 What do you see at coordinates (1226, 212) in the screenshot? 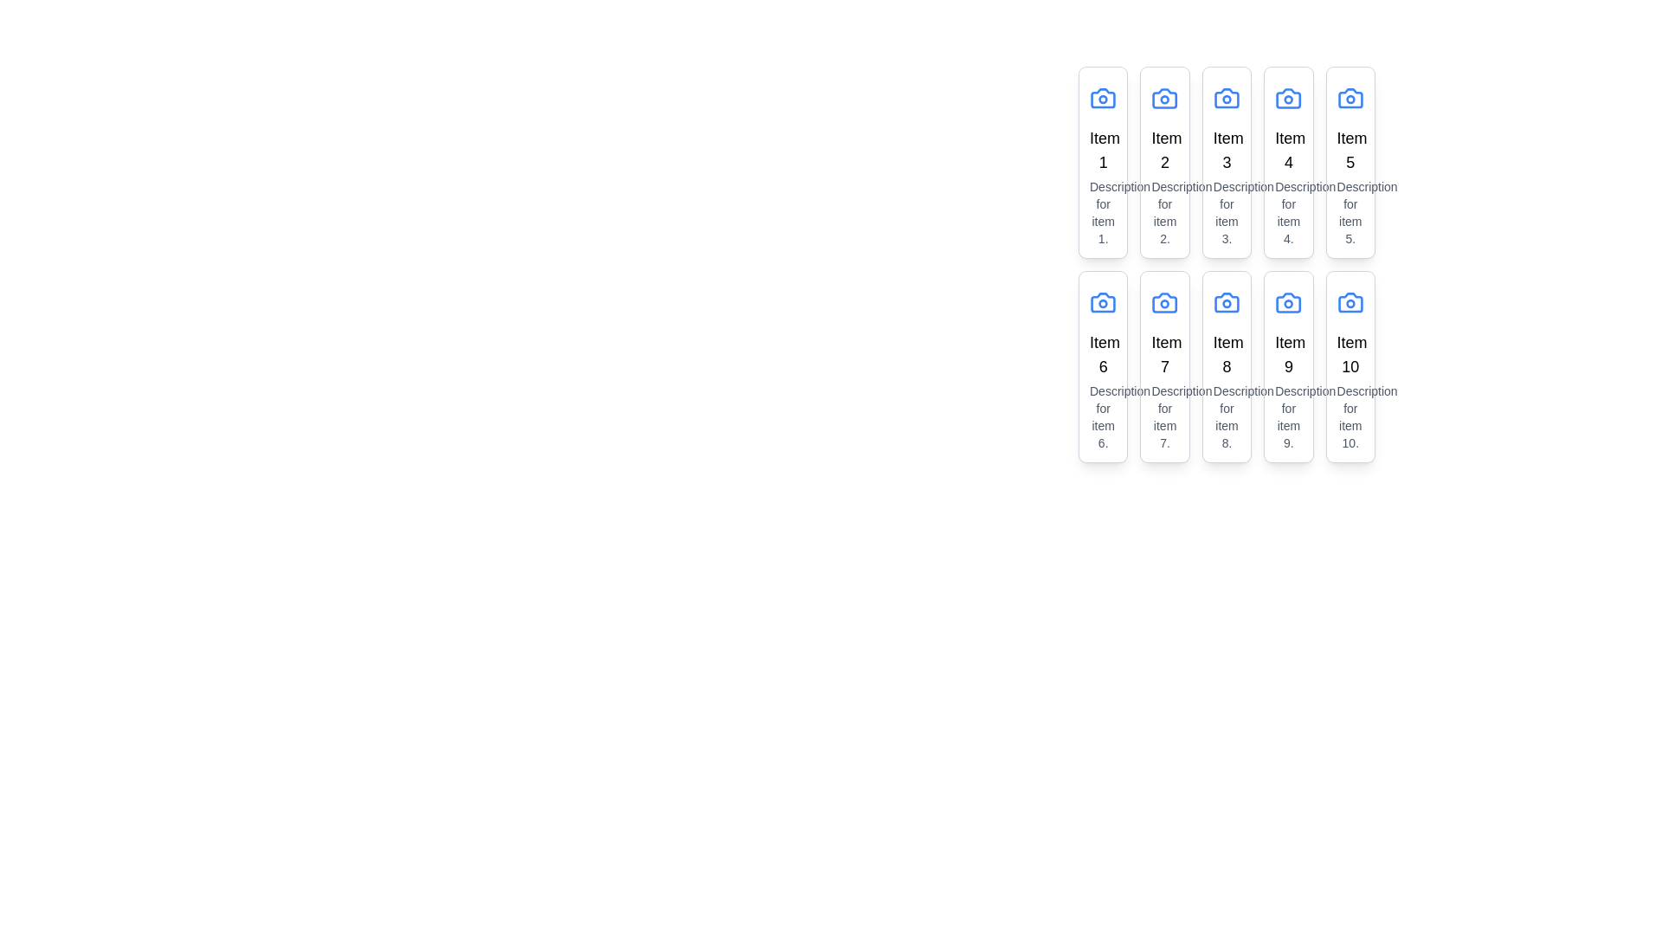
I see `the text block displaying 'Description for item 3.' located below the title 'Item 3' in the card at the first row and third column of the grid layout` at bounding box center [1226, 212].